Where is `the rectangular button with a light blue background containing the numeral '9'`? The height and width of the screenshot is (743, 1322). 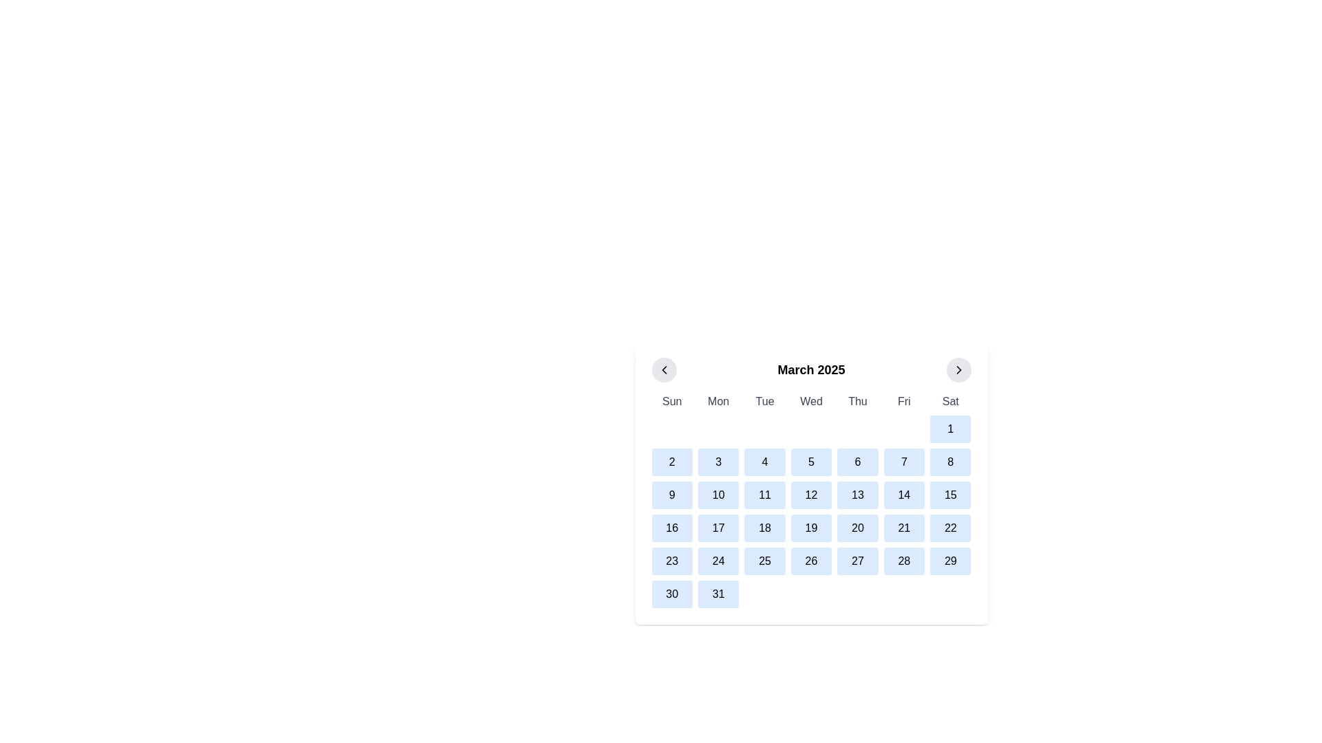
the rectangular button with a light blue background containing the numeral '9' is located at coordinates (672, 495).